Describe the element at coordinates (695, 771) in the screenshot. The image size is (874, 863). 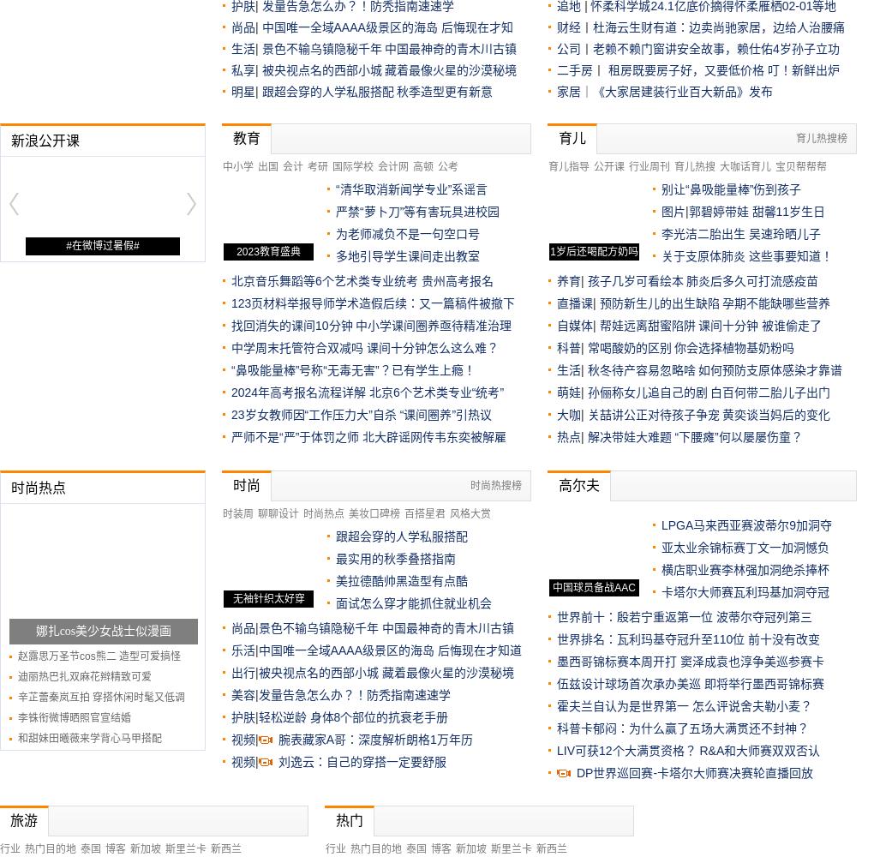
I see `'DP世界巡回赛-卡塔尔大师赛决赛轮直播回放'` at that location.